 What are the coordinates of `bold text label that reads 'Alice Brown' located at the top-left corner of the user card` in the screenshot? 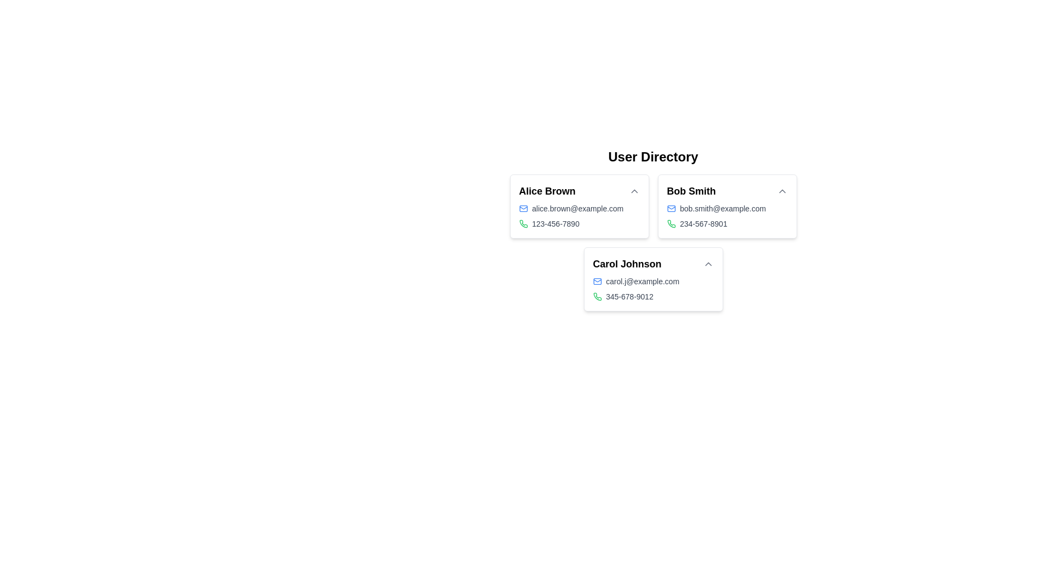 It's located at (547, 190).